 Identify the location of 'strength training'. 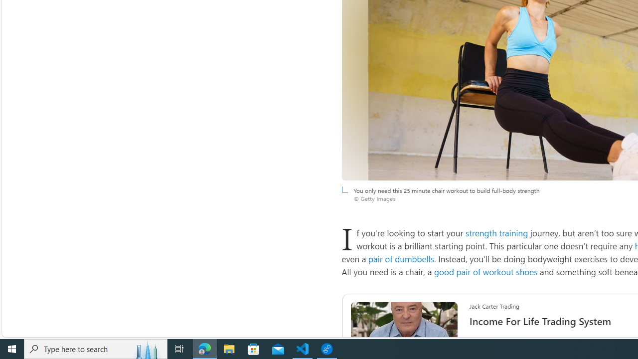
(497, 232).